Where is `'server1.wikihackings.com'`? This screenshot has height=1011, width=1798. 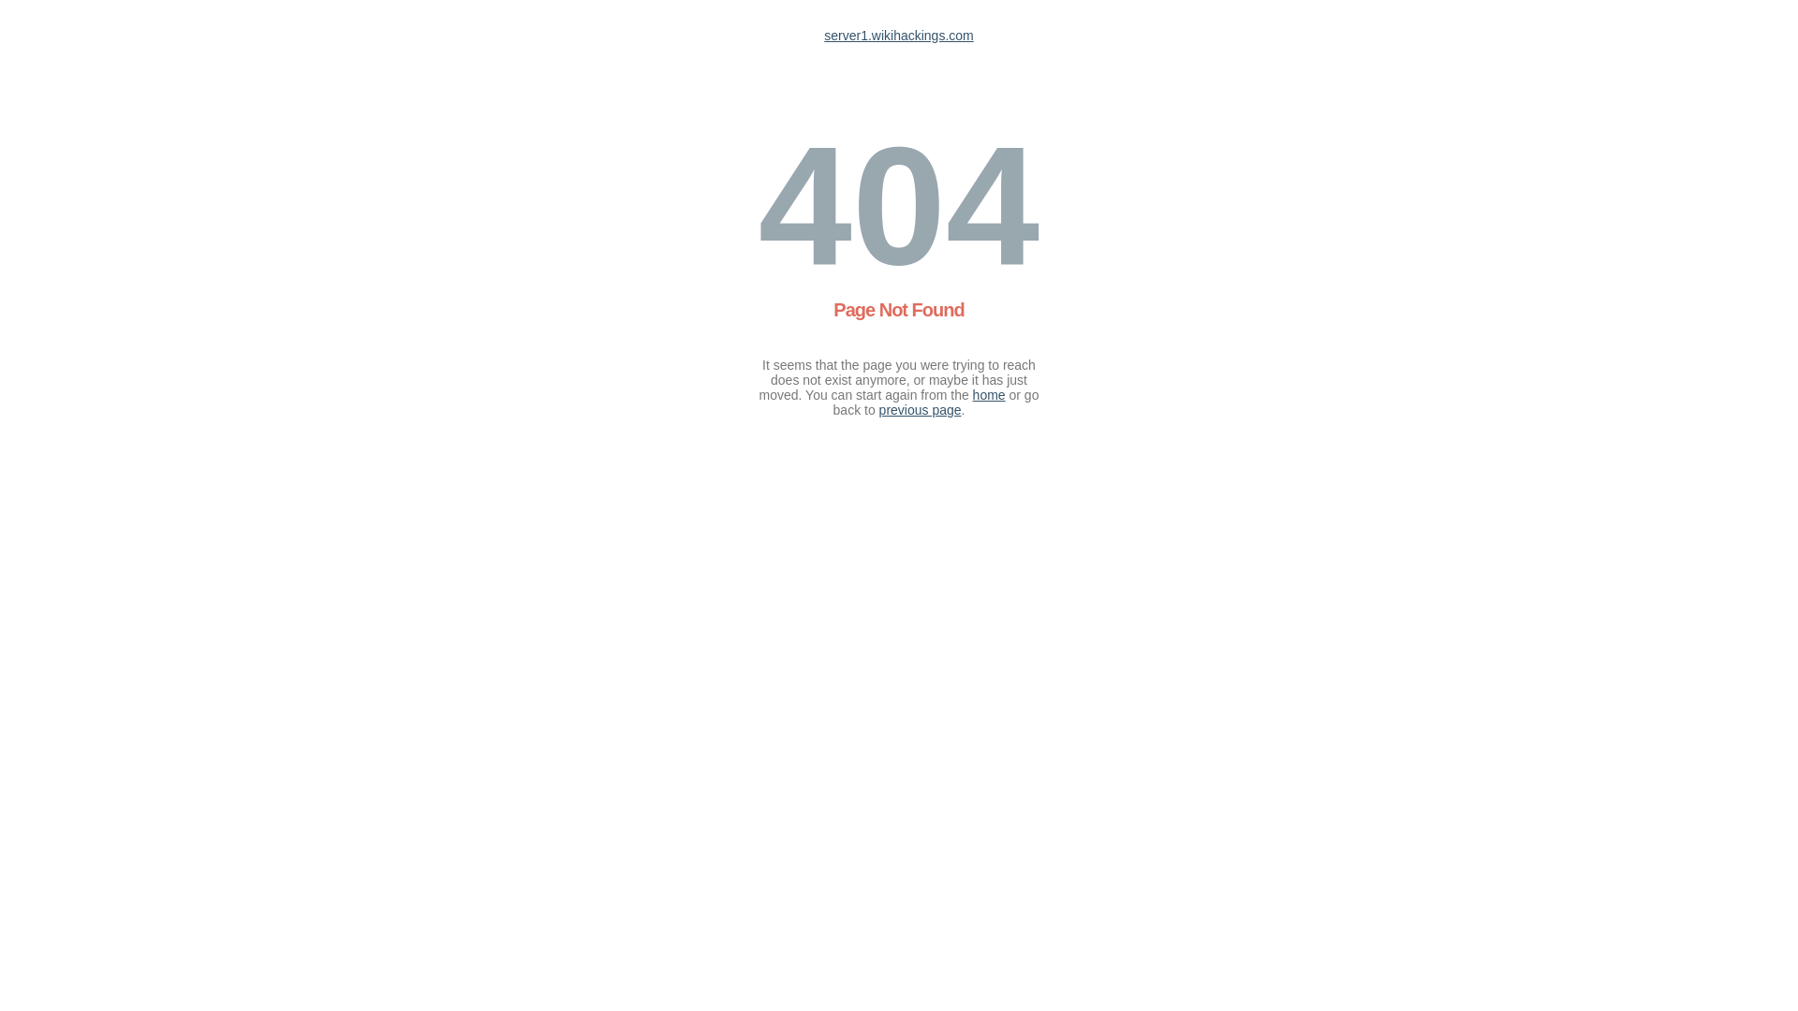 'server1.wikihackings.com' is located at coordinates (899, 36).